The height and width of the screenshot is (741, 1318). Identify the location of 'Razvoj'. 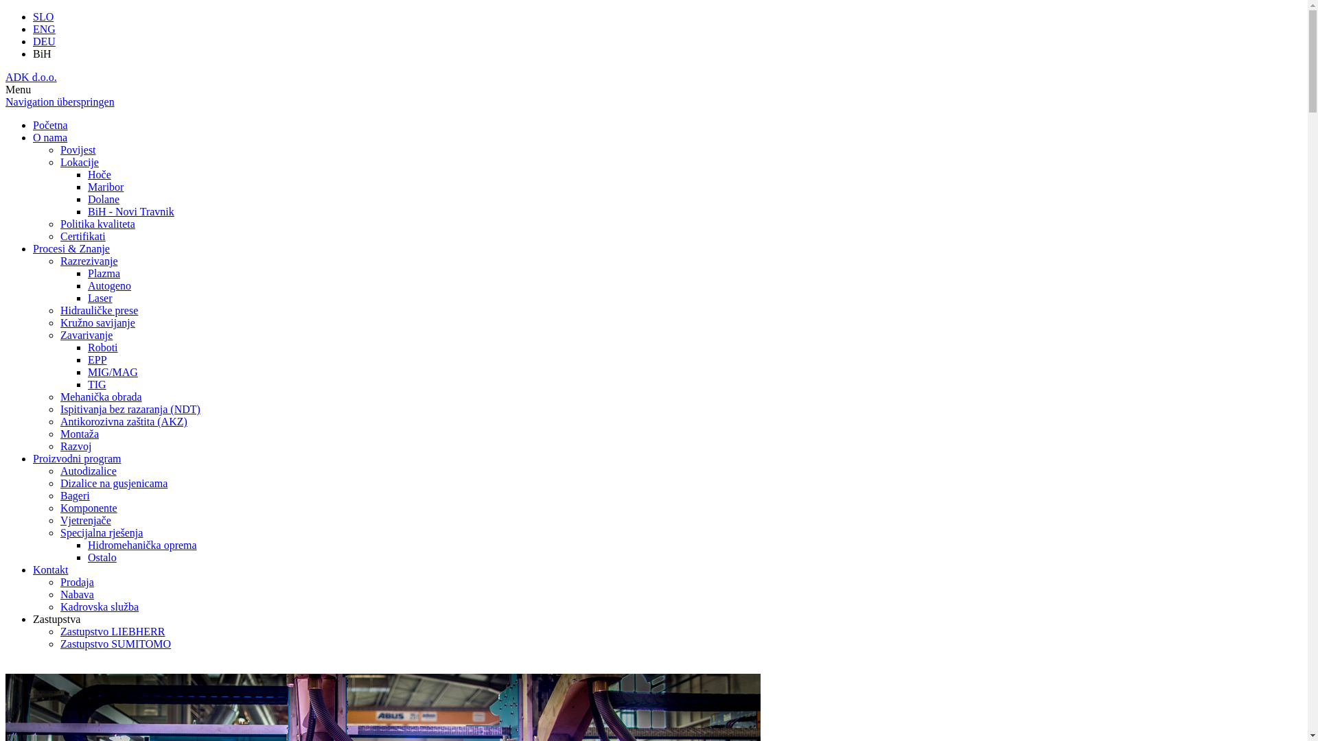
(75, 446).